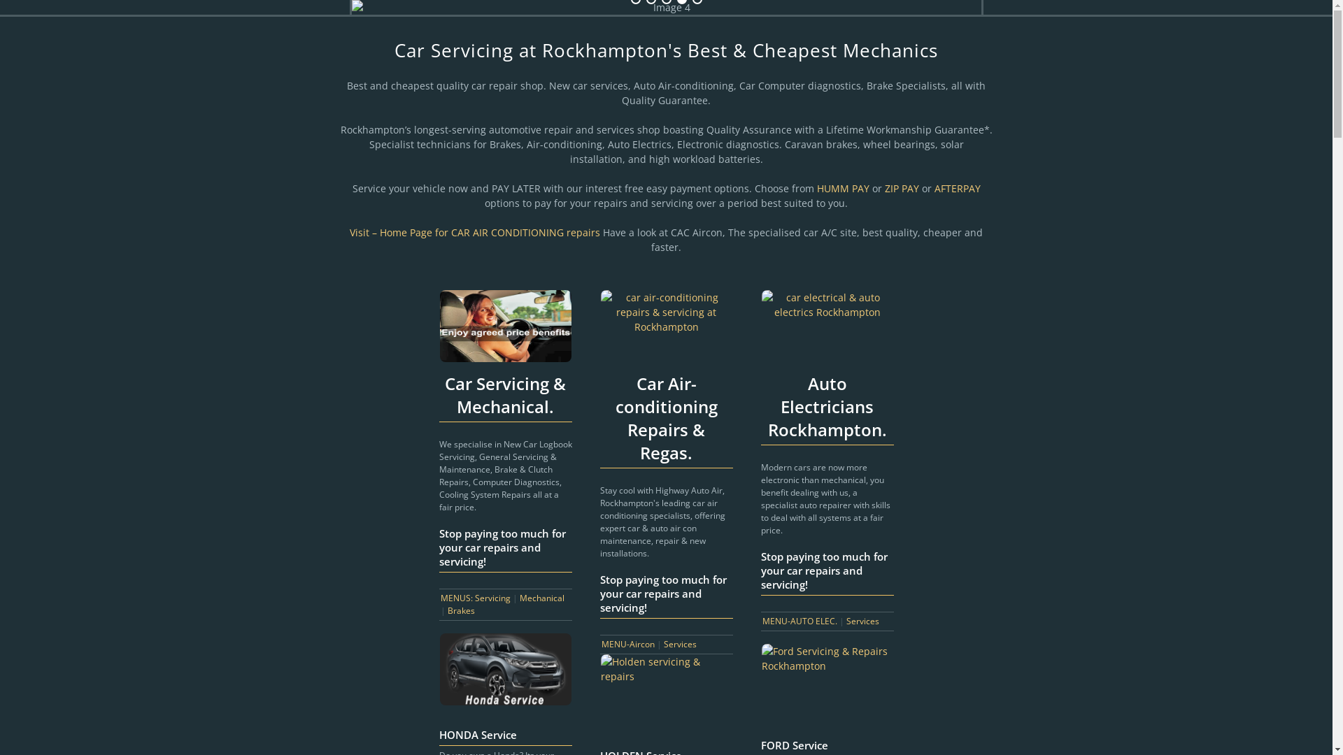 The height and width of the screenshot is (755, 1343). What do you see at coordinates (461, 610) in the screenshot?
I see `'Brakes'` at bounding box center [461, 610].